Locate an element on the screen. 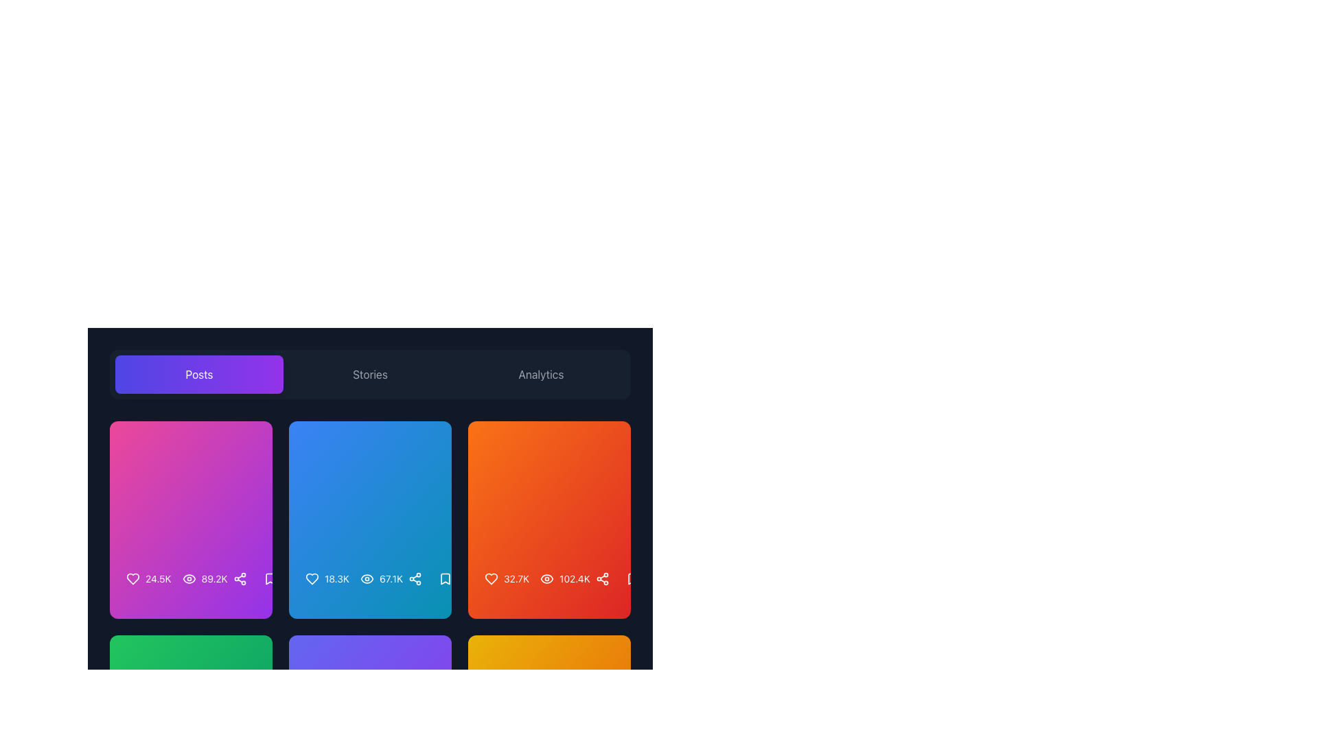  the text label '24.5K' styled with white color on a dark background, which is part of a card with a purple gradient background, located in the bottom left corner is located at coordinates (148, 579).